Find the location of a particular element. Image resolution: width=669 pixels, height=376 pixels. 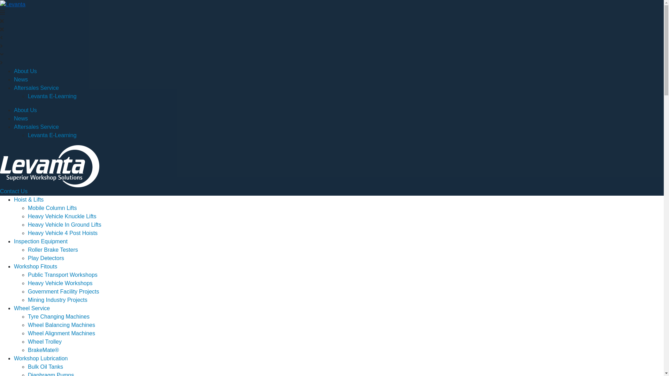

'Public Transport Workshops' is located at coordinates (63, 274).